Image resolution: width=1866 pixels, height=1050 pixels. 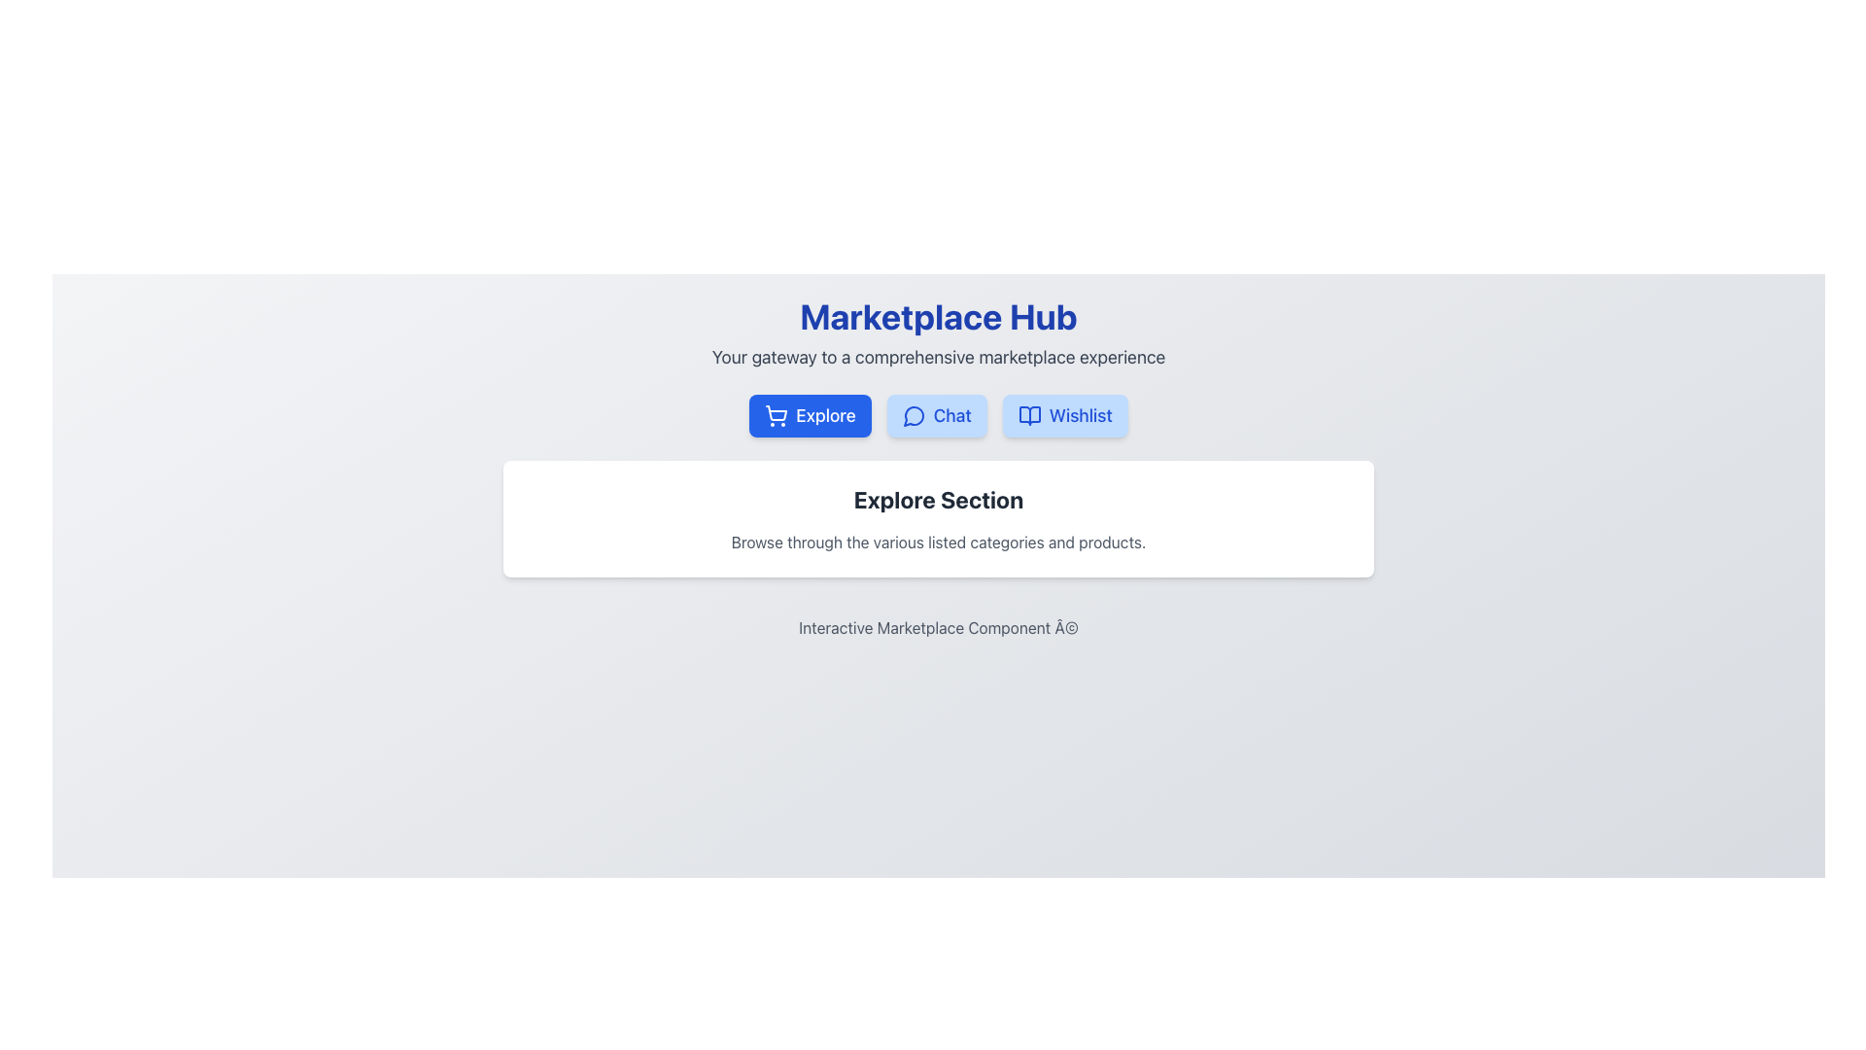 What do you see at coordinates (776, 415) in the screenshot?
I see `the shopping cart icon embedded in the blue 'Explore' button, which is the leftmost button in the row below the 'Marketplace Hub' title` at bounding box center [776, 415].